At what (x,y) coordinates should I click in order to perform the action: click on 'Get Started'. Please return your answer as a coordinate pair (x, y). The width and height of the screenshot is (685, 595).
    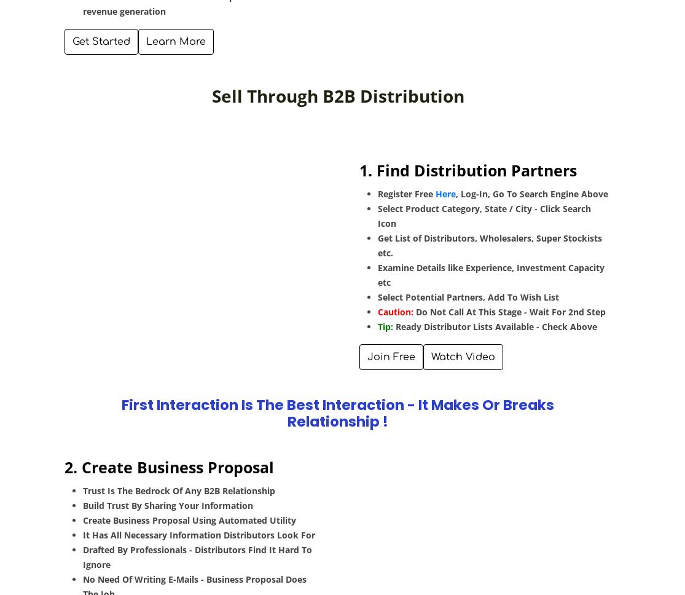
    Looking at the image, I should click on (101, 40).